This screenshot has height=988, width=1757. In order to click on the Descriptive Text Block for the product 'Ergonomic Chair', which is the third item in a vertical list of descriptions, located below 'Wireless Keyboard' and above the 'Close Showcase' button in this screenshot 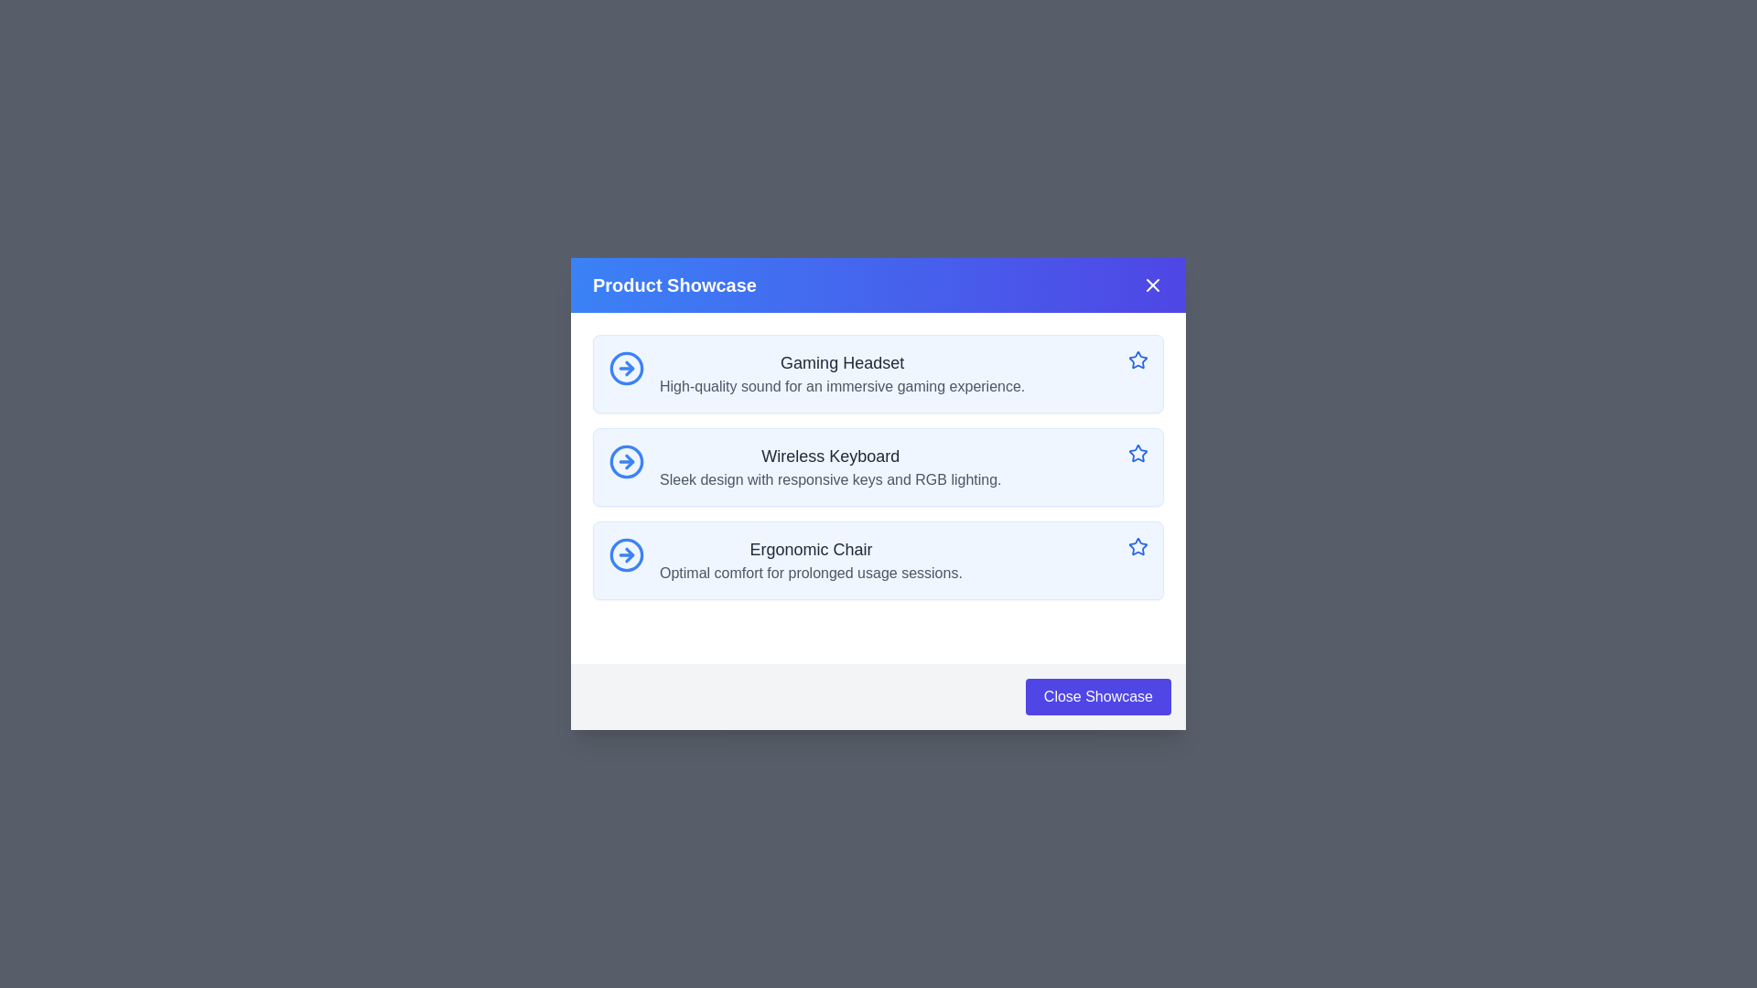, I will do `click(810, 560)`.